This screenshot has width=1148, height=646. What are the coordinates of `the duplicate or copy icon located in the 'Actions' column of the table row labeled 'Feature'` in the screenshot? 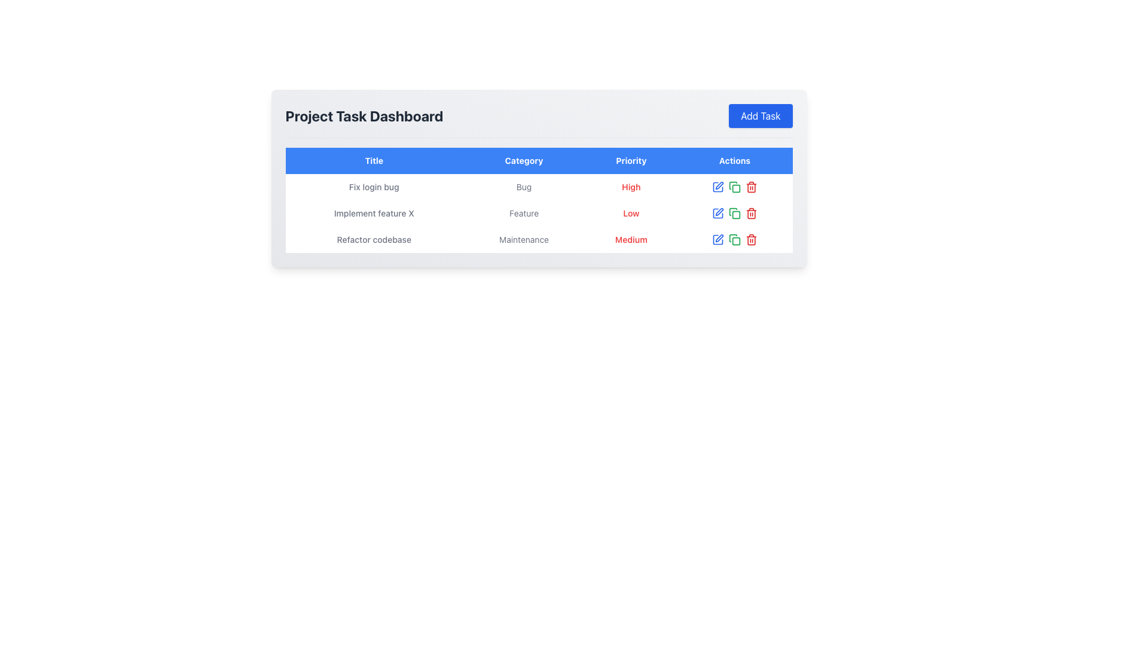 It's located at (732, 211).